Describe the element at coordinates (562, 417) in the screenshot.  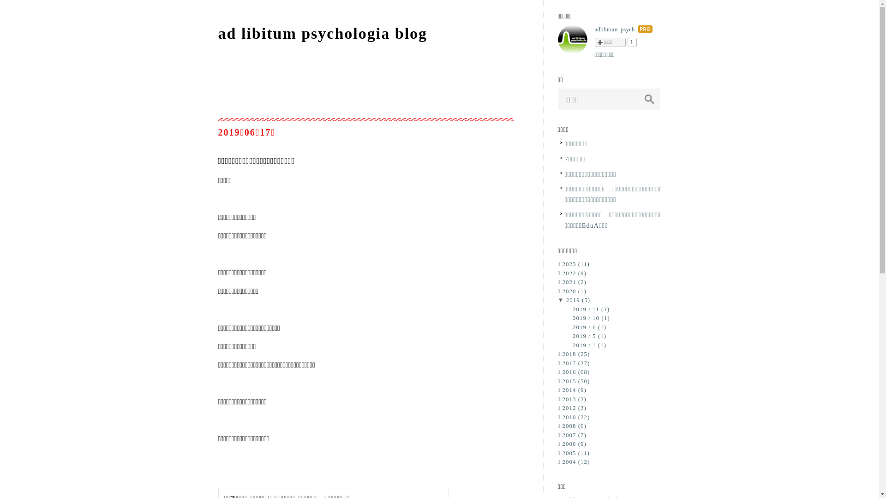
I see `'2010 (22)'` at that location.